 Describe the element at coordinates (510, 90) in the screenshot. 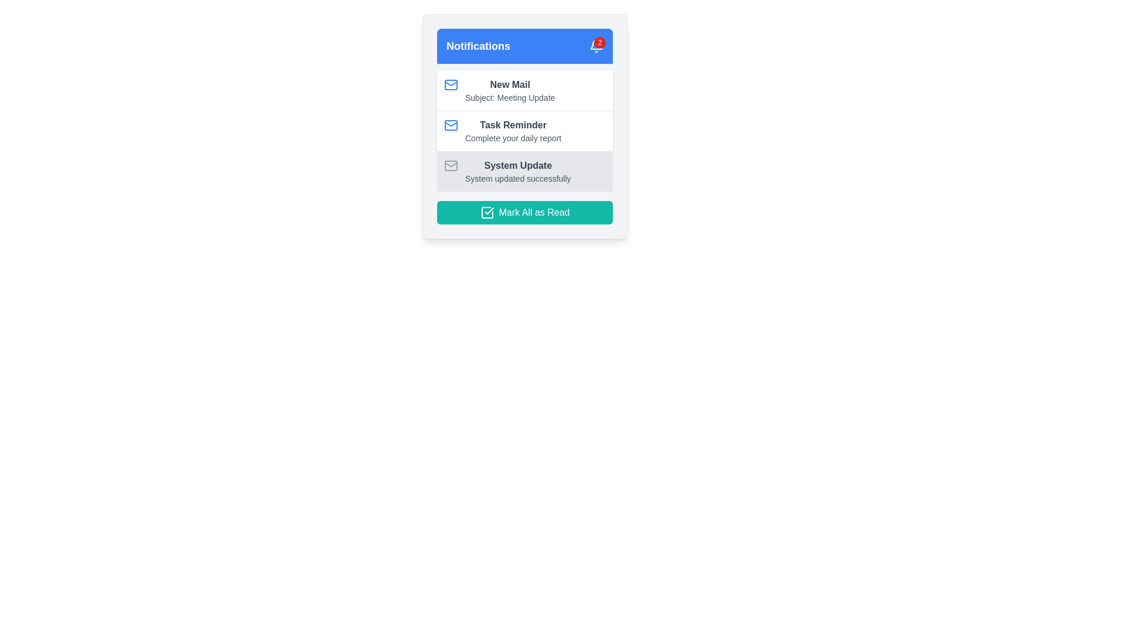

I see `details of the text block that contains 'New Mail' and 'Subject: Meeting Update' within the notification card, located adjacent to the blue email icon` at that location.